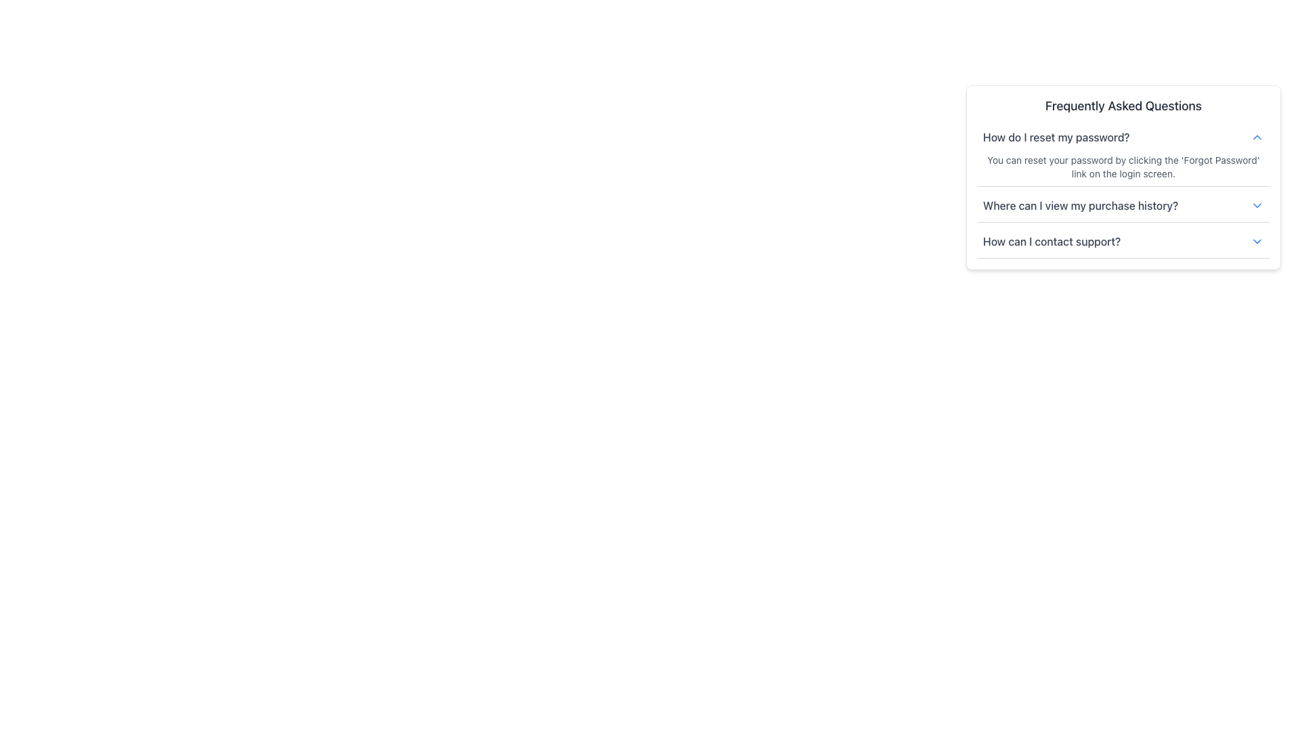 This screenshot has width=1300, height=731. I want to click on the Interactive FAQ question item at the bottom of the FAQ section, so click(1123, 241).